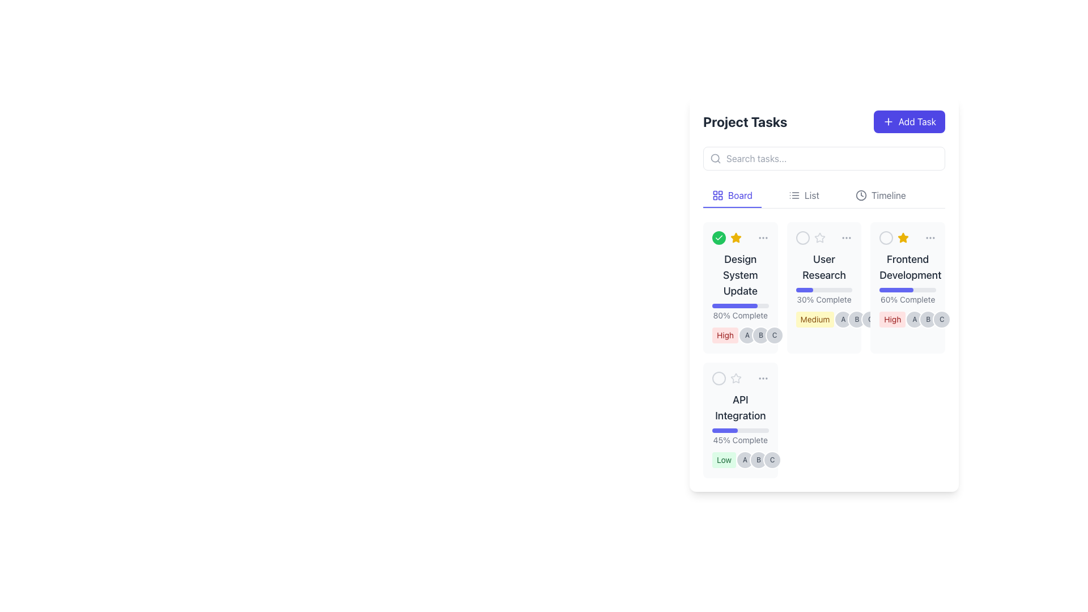 This screenshot has width=1088, height=612. Describe the element at coordinates (919, 290) in the screenshot. I see `the progress` at that location.